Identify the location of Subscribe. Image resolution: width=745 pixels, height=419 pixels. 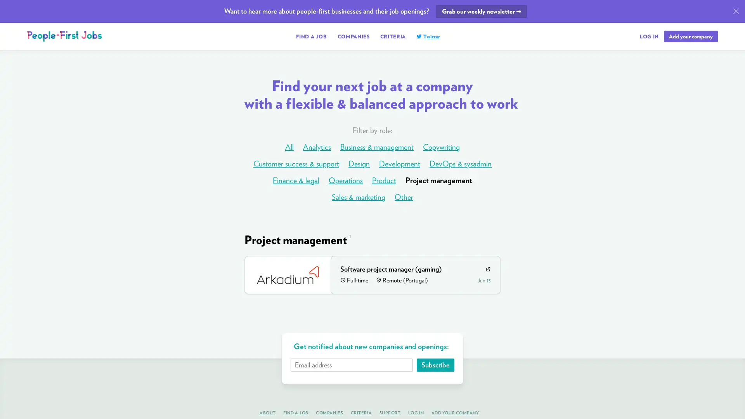
(435, 365).